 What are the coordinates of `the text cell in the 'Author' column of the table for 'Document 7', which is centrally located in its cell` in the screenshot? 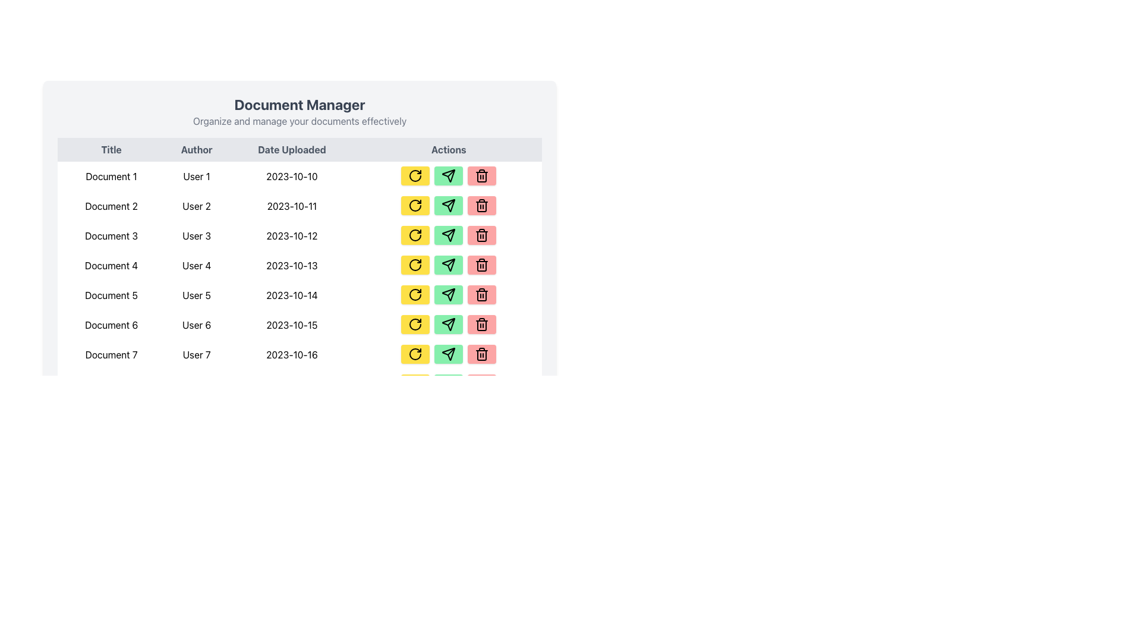 It's located at (197, 354).